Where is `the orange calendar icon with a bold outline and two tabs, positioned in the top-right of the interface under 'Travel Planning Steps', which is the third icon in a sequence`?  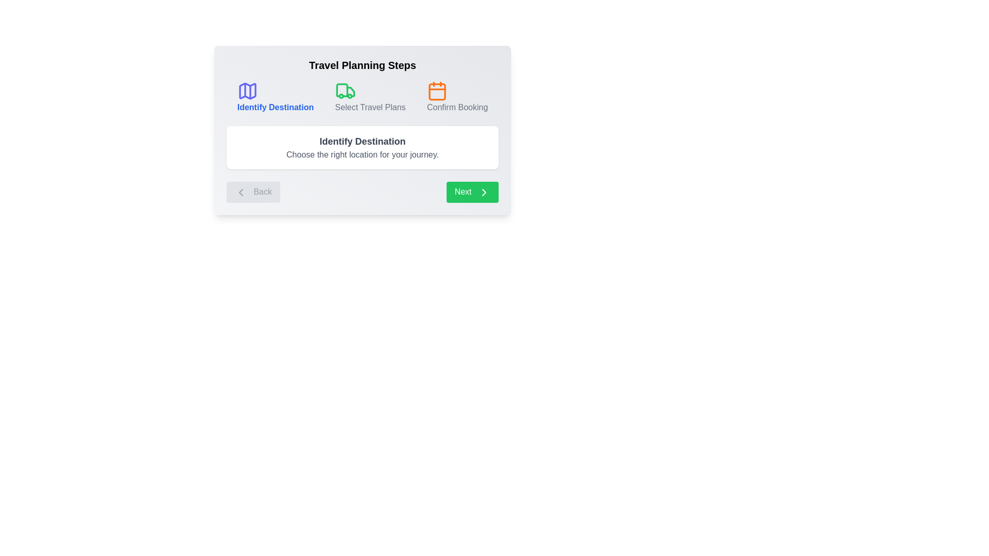 the orange calendar icon with a bold outline and two tabs, positioned in the top-right of the interface under 'Travel Planning Steps', which is the third icon in a sequence is located at coordinates (437, 91).